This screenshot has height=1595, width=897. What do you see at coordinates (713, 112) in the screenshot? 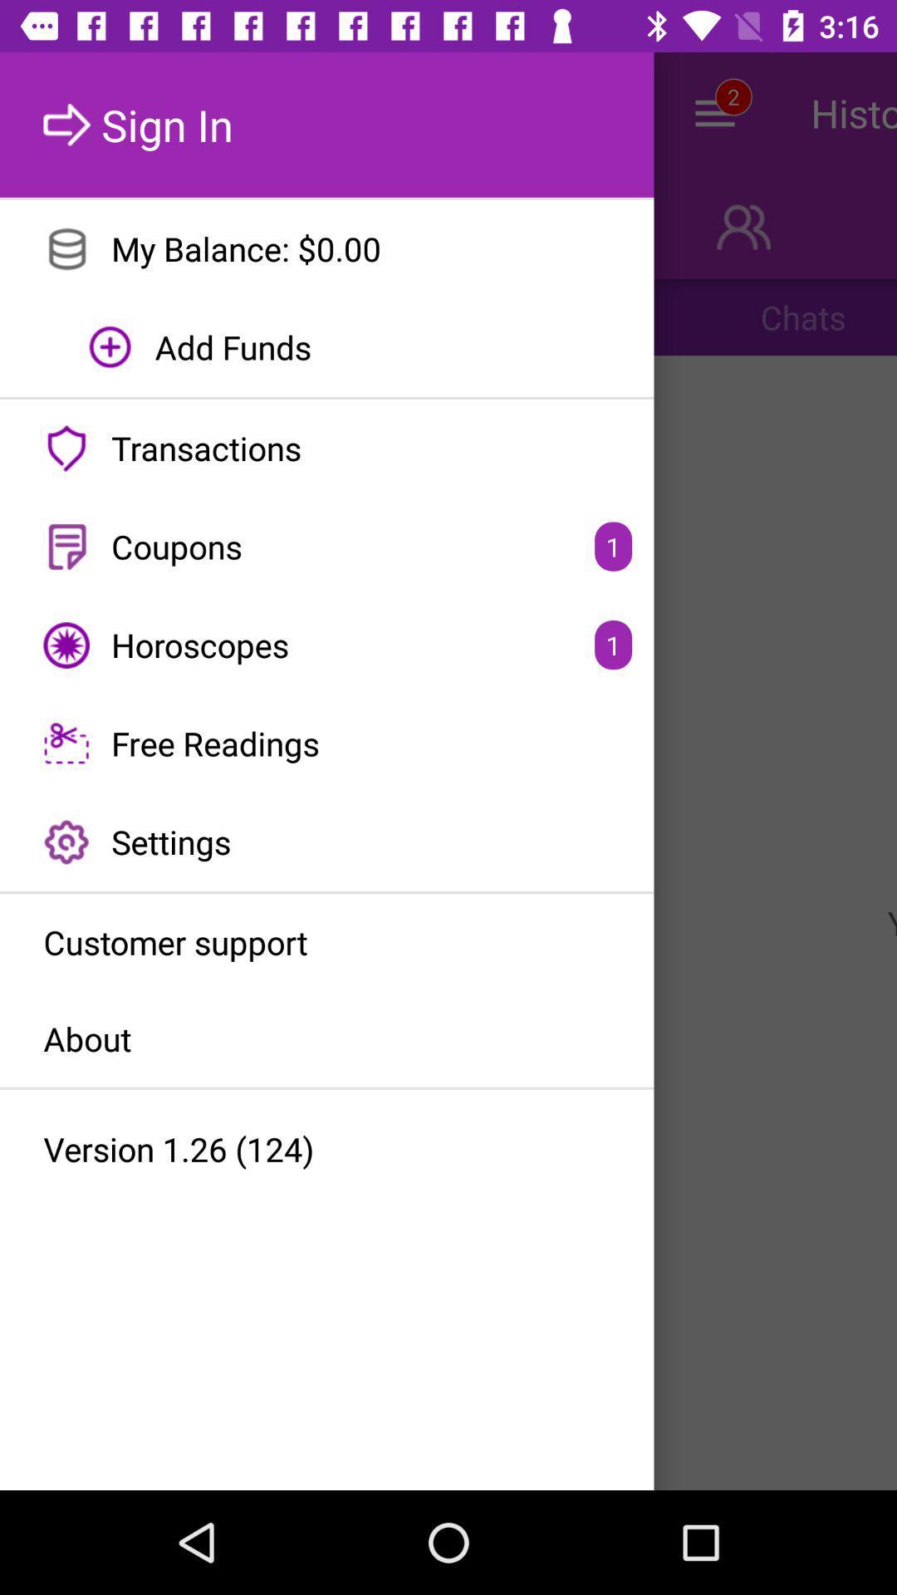
I see `the menu icon` at bounding box center [713, 112].